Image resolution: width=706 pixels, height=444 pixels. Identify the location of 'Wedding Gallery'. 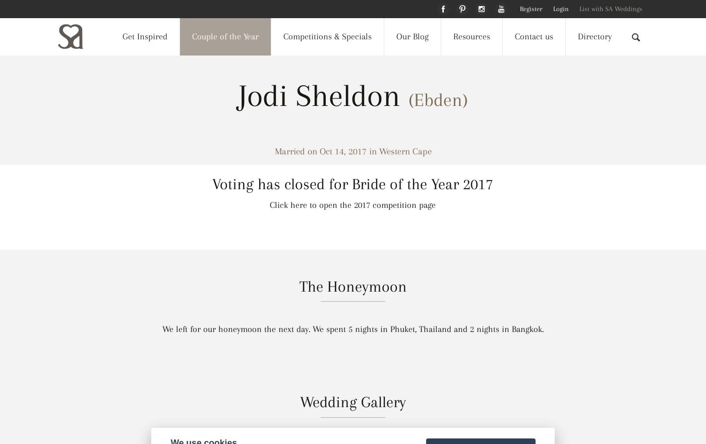
(353, 402).